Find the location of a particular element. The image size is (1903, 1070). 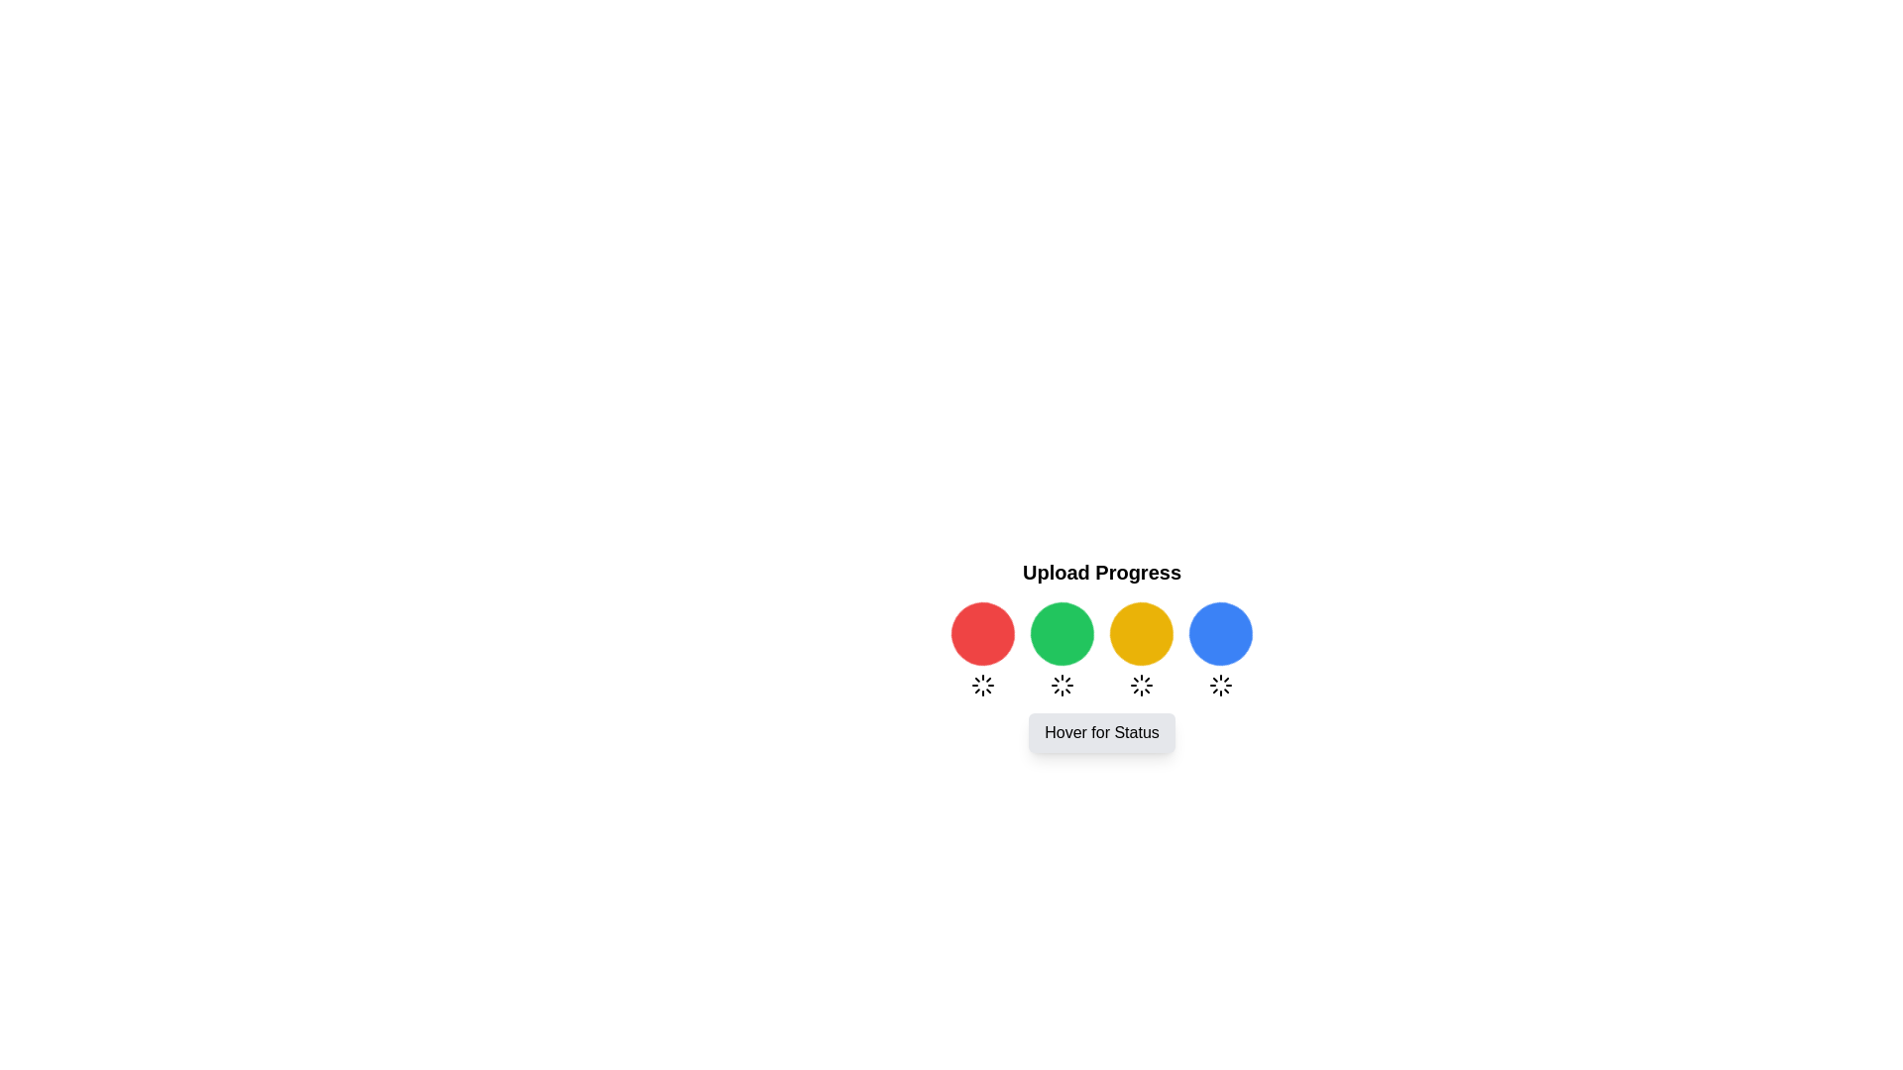

the circular loader icon located at the center of the interface, which is styled with thin, geometric strokes and resembles a spinning loader is located at coordinates (1142, 684).